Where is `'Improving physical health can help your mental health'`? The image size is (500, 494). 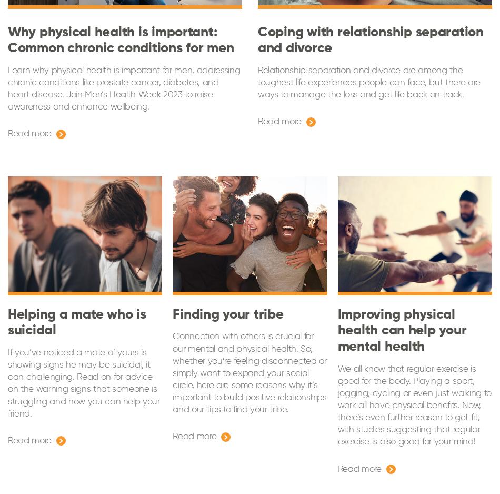 'Improving physical health can help your mental health' is located at coordinates (401, 330).